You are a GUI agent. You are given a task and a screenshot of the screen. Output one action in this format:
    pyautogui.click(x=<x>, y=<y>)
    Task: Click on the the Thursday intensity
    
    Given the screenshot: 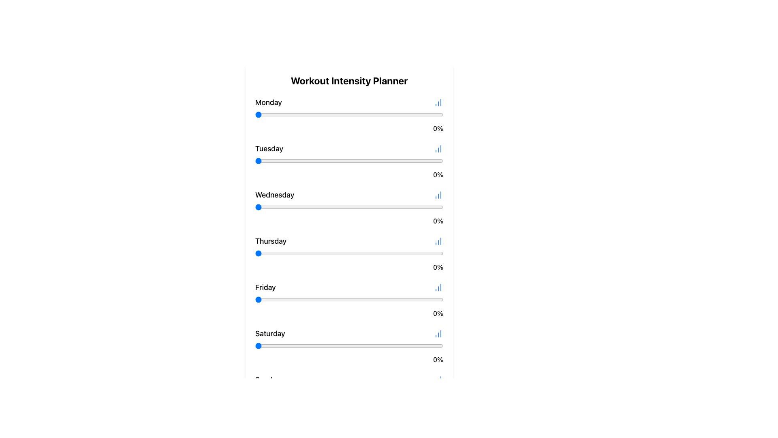 What is the action you would take?
    pyautogui.click(x=274, y=253)
    